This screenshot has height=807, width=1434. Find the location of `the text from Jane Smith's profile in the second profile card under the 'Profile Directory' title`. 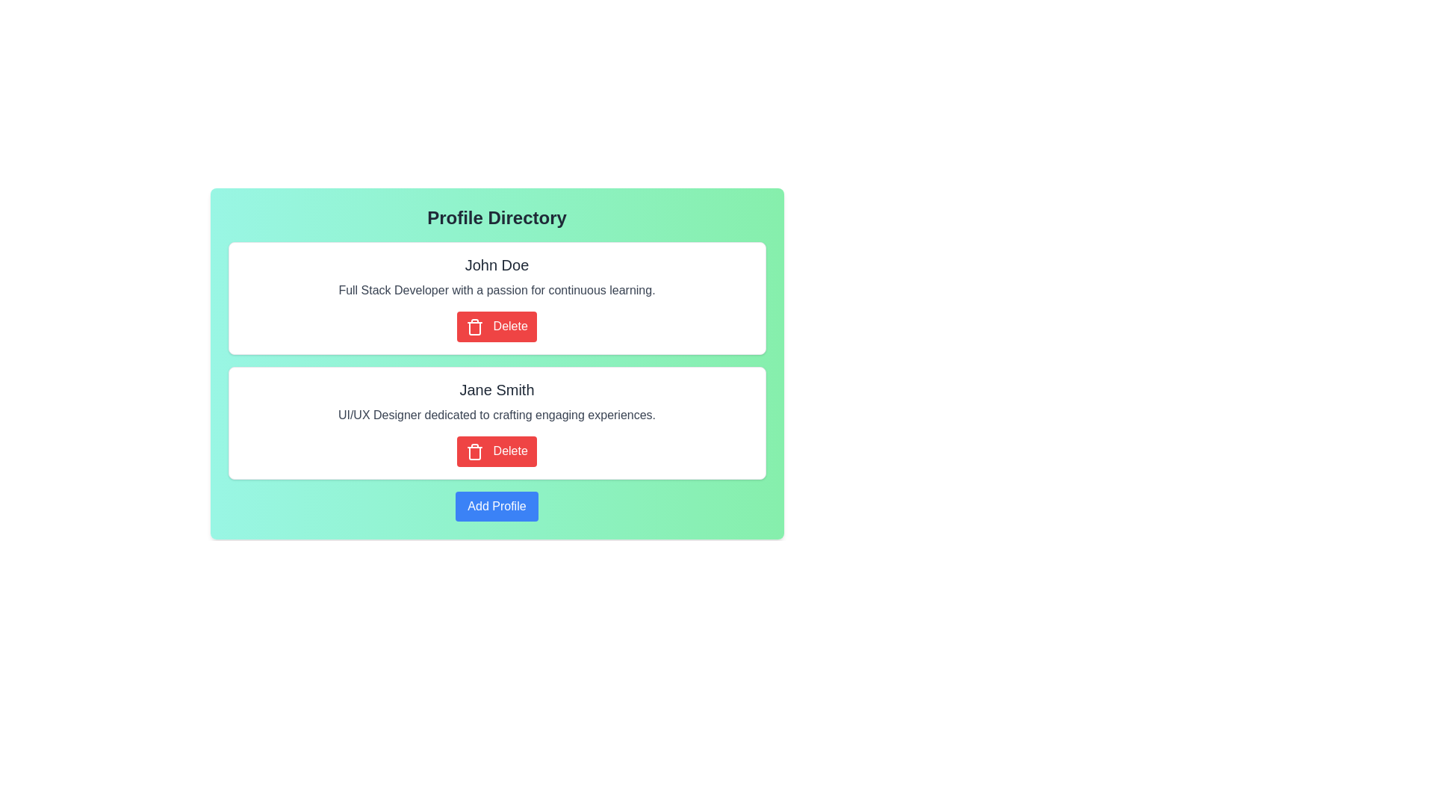

the text from Jane Smith's profile in the second profile card under the 'Profile Directory' title is located at coordinates (497, 380).